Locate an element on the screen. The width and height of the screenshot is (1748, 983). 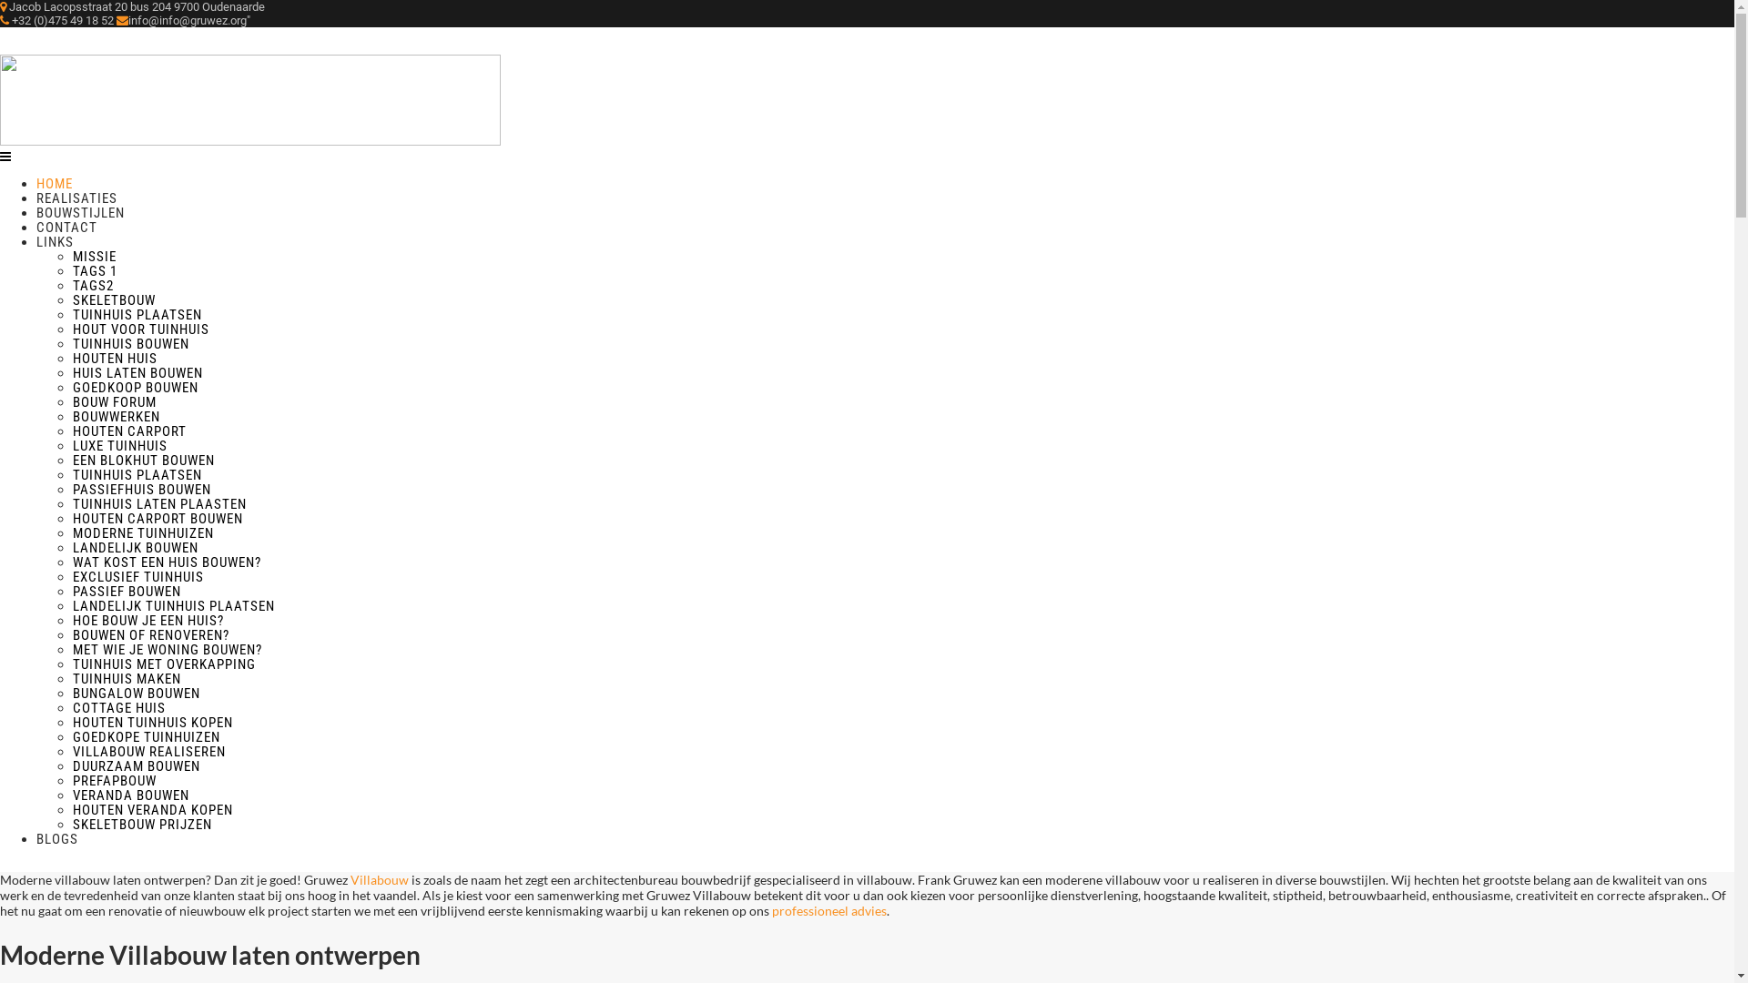
'CONTACT' is located at coordinates (66, 227).